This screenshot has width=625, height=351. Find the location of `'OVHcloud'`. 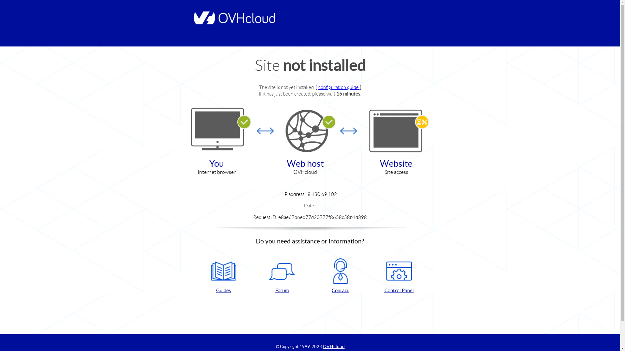

'OVHcloud' is located at coordinates (334, 346).